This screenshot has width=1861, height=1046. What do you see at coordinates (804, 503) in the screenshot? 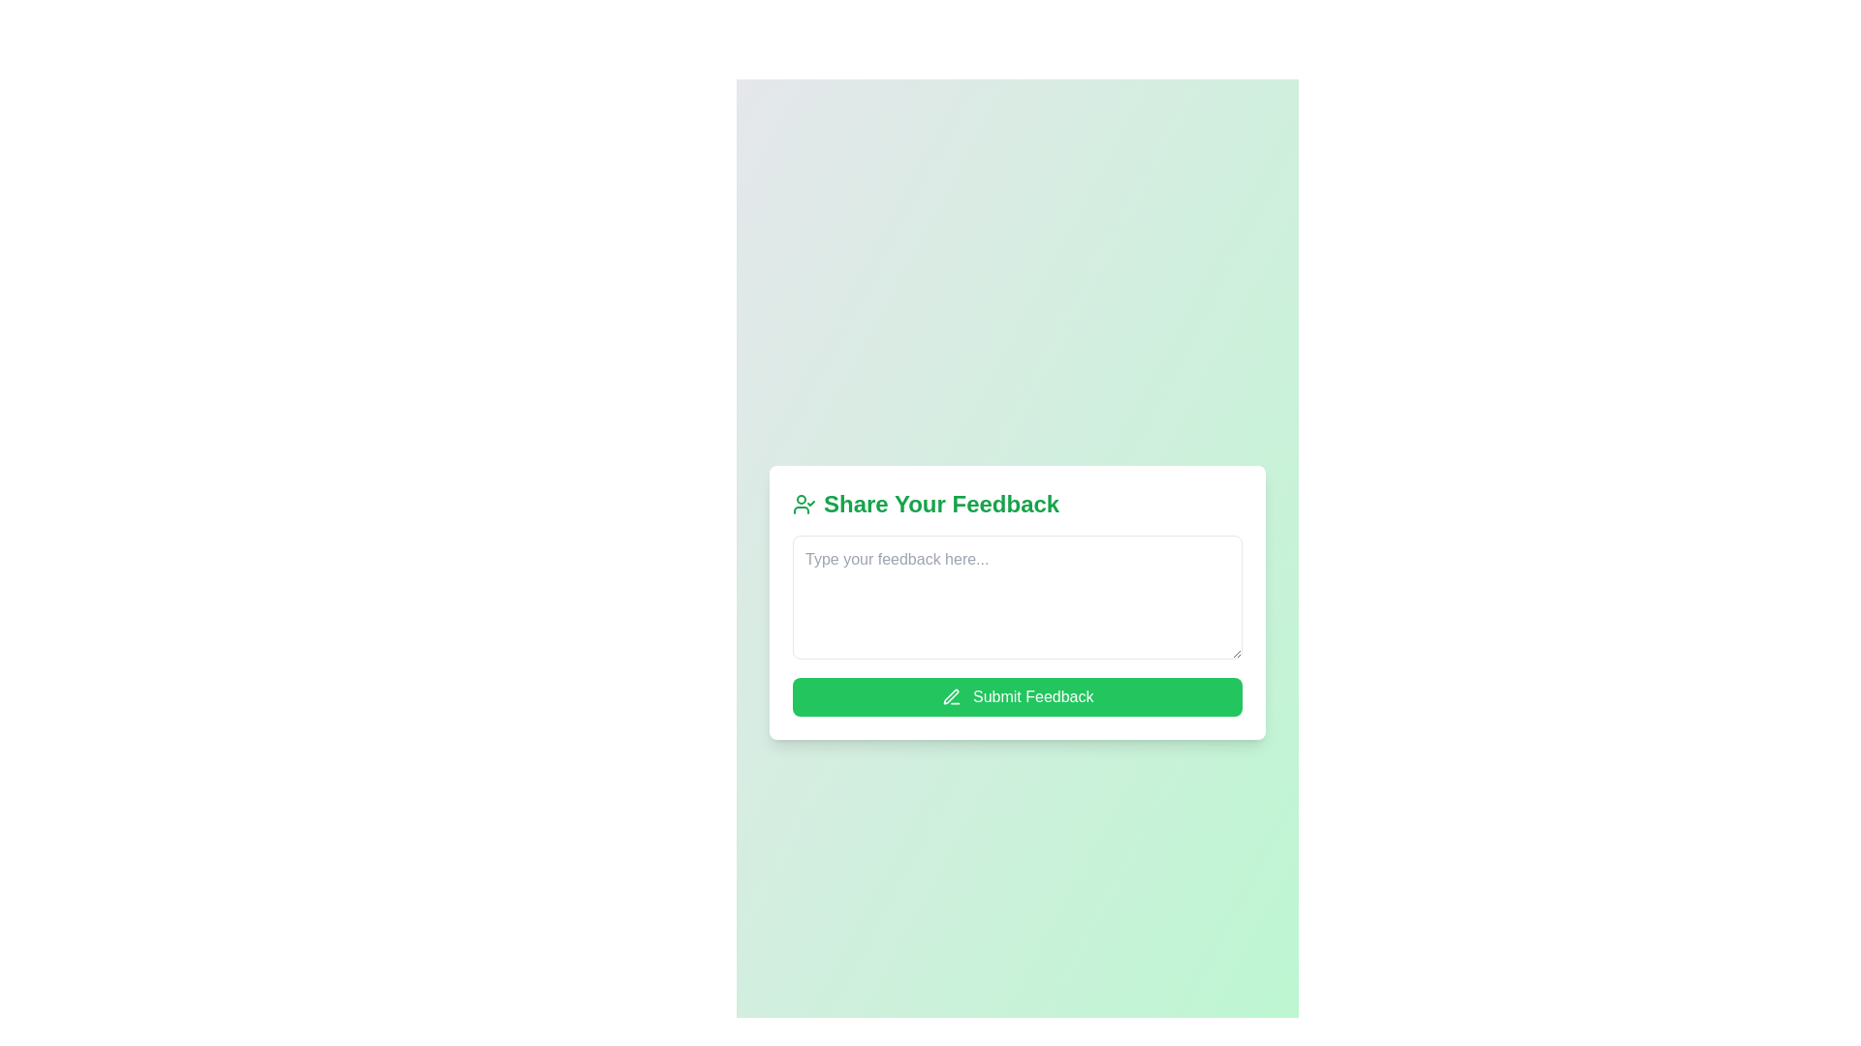
I see `the decorative icon located in the top-left corner of the feedback form, which is to the left of the 'Share Your Feedback' text` at bounding box center [804, 503].